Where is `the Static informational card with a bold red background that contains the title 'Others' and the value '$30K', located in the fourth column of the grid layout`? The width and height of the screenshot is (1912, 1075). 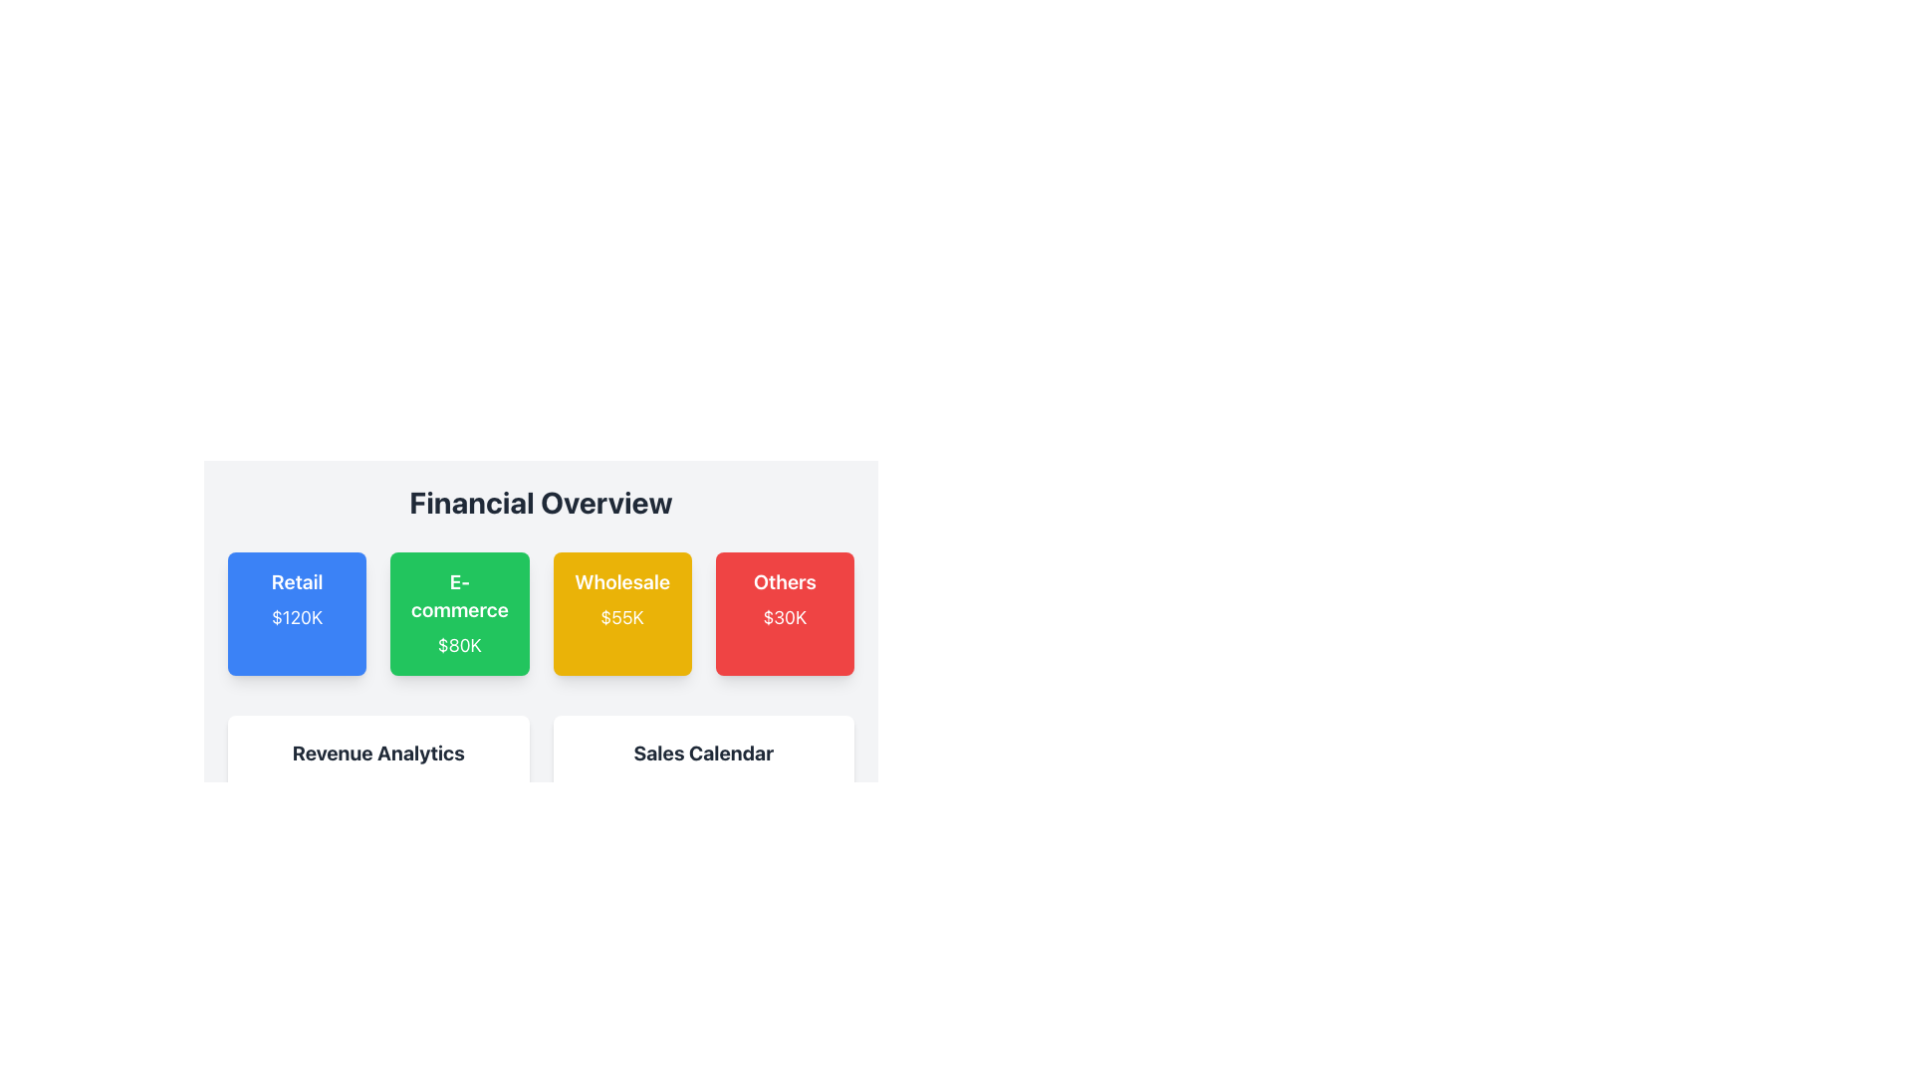
the Static informational card with a bold red background that contains the title 'Others' and the value '$30K', located in the fourth column of the grid layout is located at coordinates (784, 613).